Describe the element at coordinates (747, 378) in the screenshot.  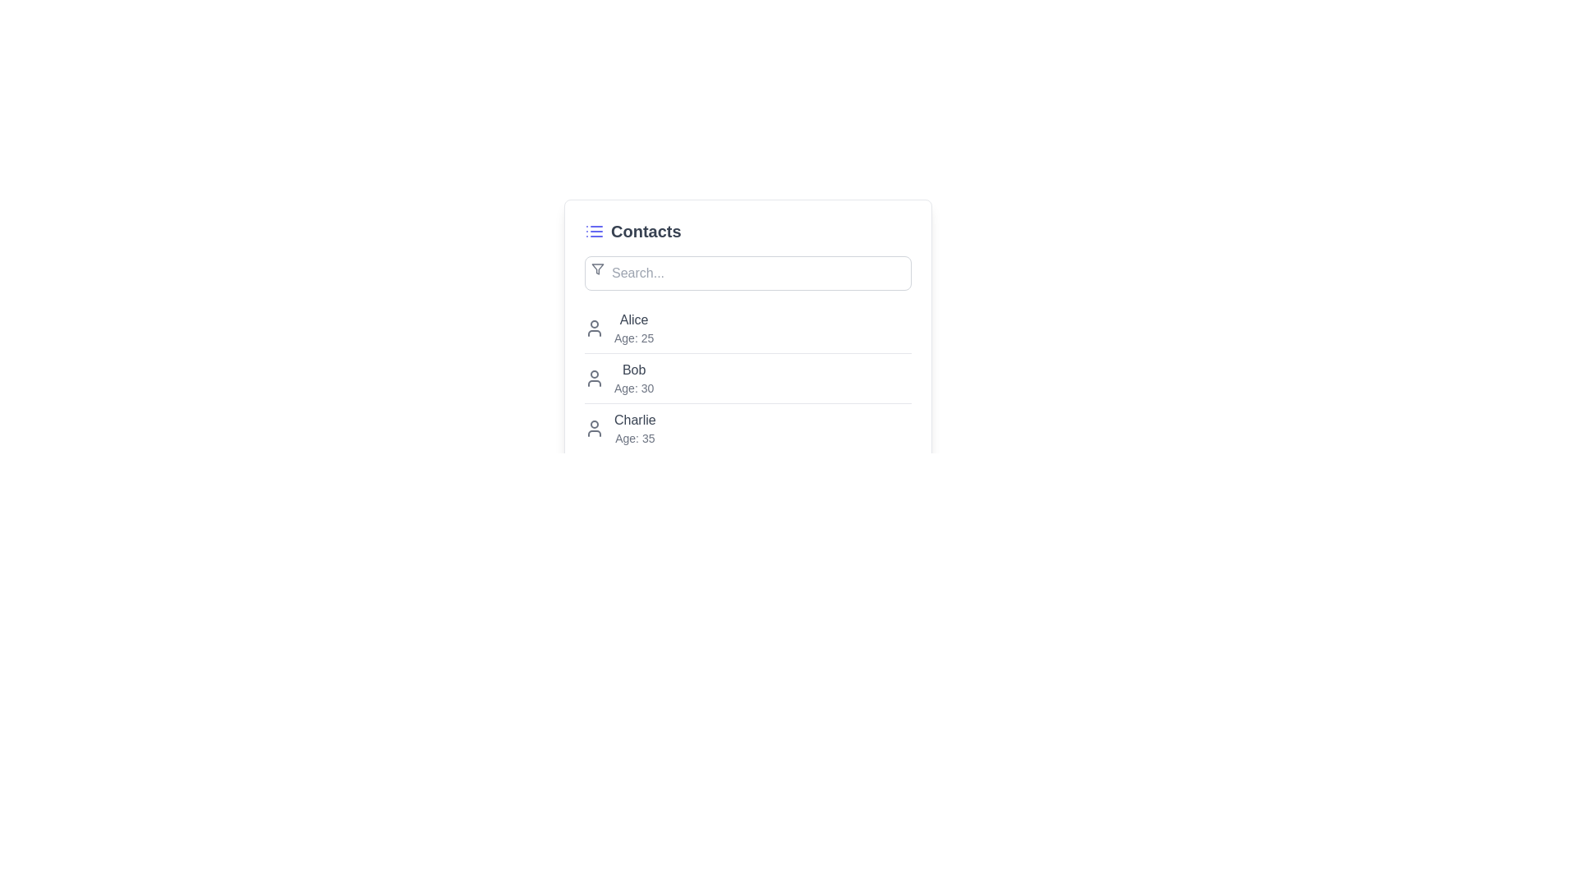
I see `the second user entry in the 'Contacts' list that displays the name 'Bob' and age '30'` at that location.